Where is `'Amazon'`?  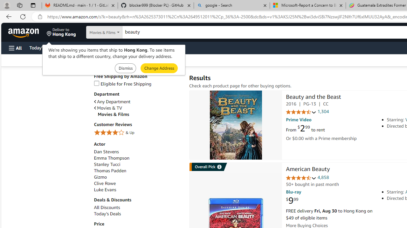 'Amazon' is located at coordinates (24, 32).